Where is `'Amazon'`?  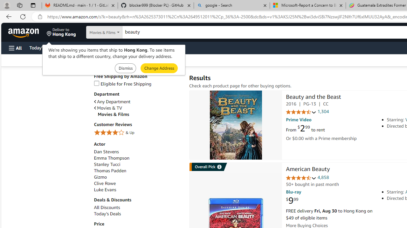 'Amazon' is located at coordinates (24, 32).